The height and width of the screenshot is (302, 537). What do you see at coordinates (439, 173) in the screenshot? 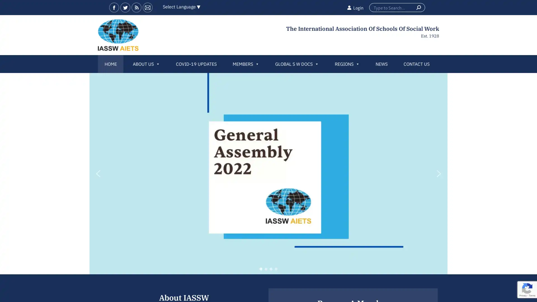
I see `next arrow` at bounding box center [439, 173].